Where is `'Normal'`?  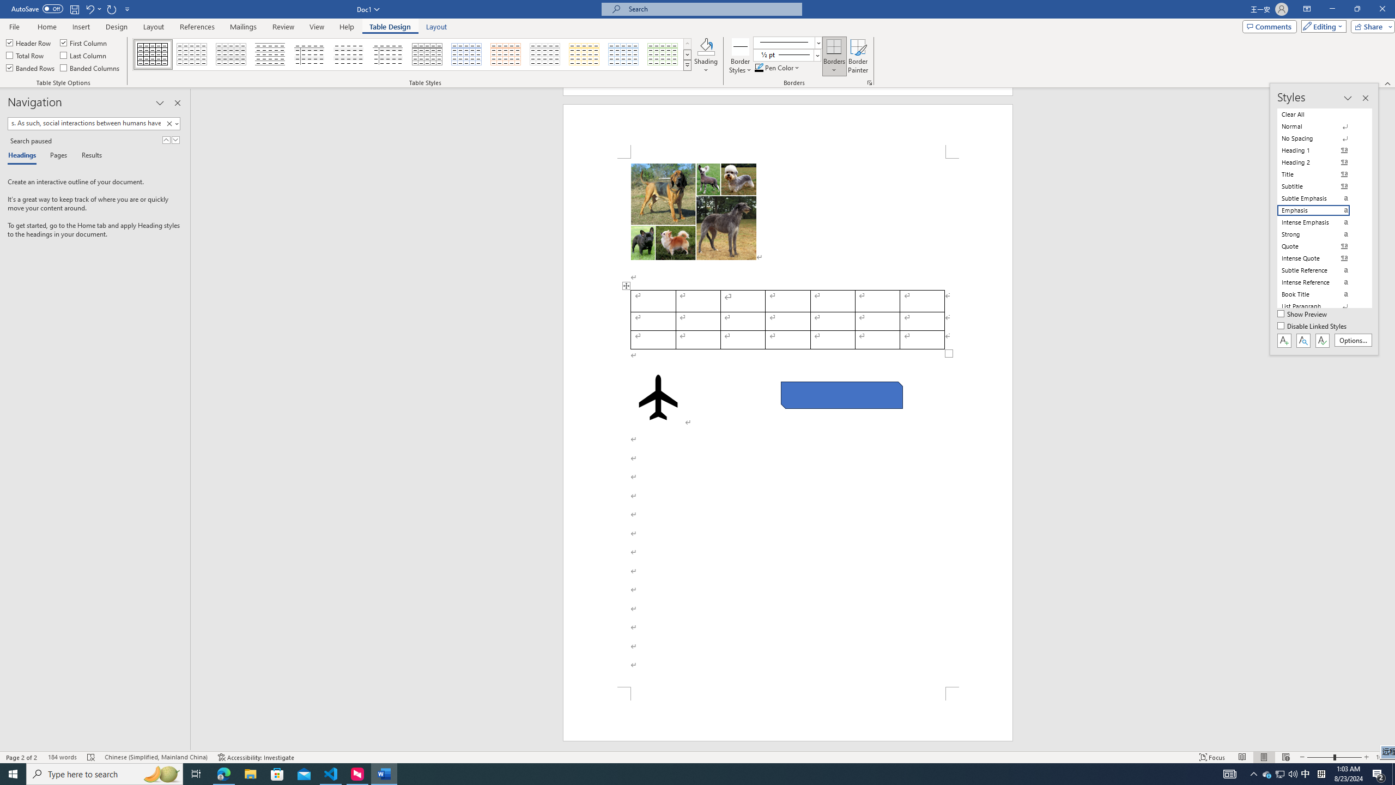
'Normal' is located at coordinates (1320, 125).